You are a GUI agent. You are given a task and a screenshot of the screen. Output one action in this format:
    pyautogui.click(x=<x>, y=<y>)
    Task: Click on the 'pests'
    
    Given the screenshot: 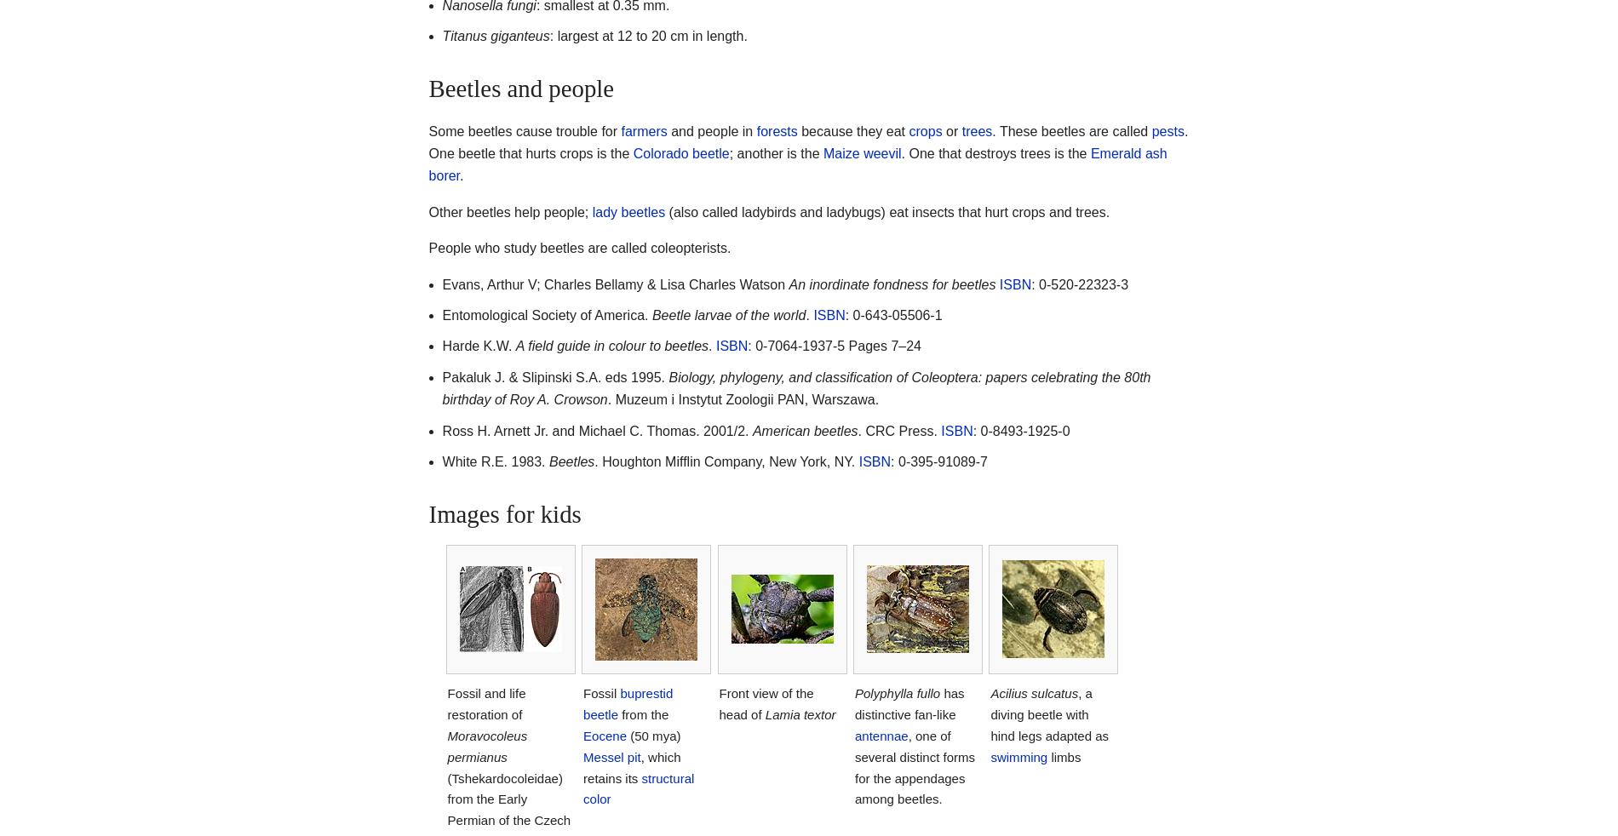 What is the action you would take?
    pyautogui.click(x=1167, y=129)
    